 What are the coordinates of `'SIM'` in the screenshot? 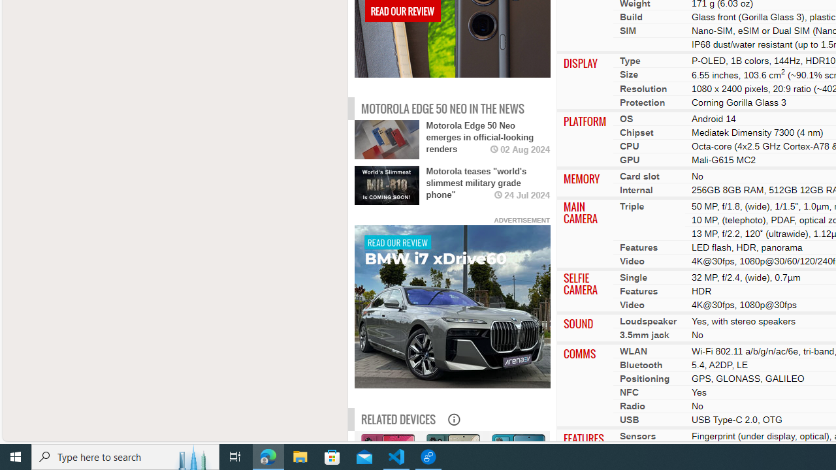 It's located at (628, 29).